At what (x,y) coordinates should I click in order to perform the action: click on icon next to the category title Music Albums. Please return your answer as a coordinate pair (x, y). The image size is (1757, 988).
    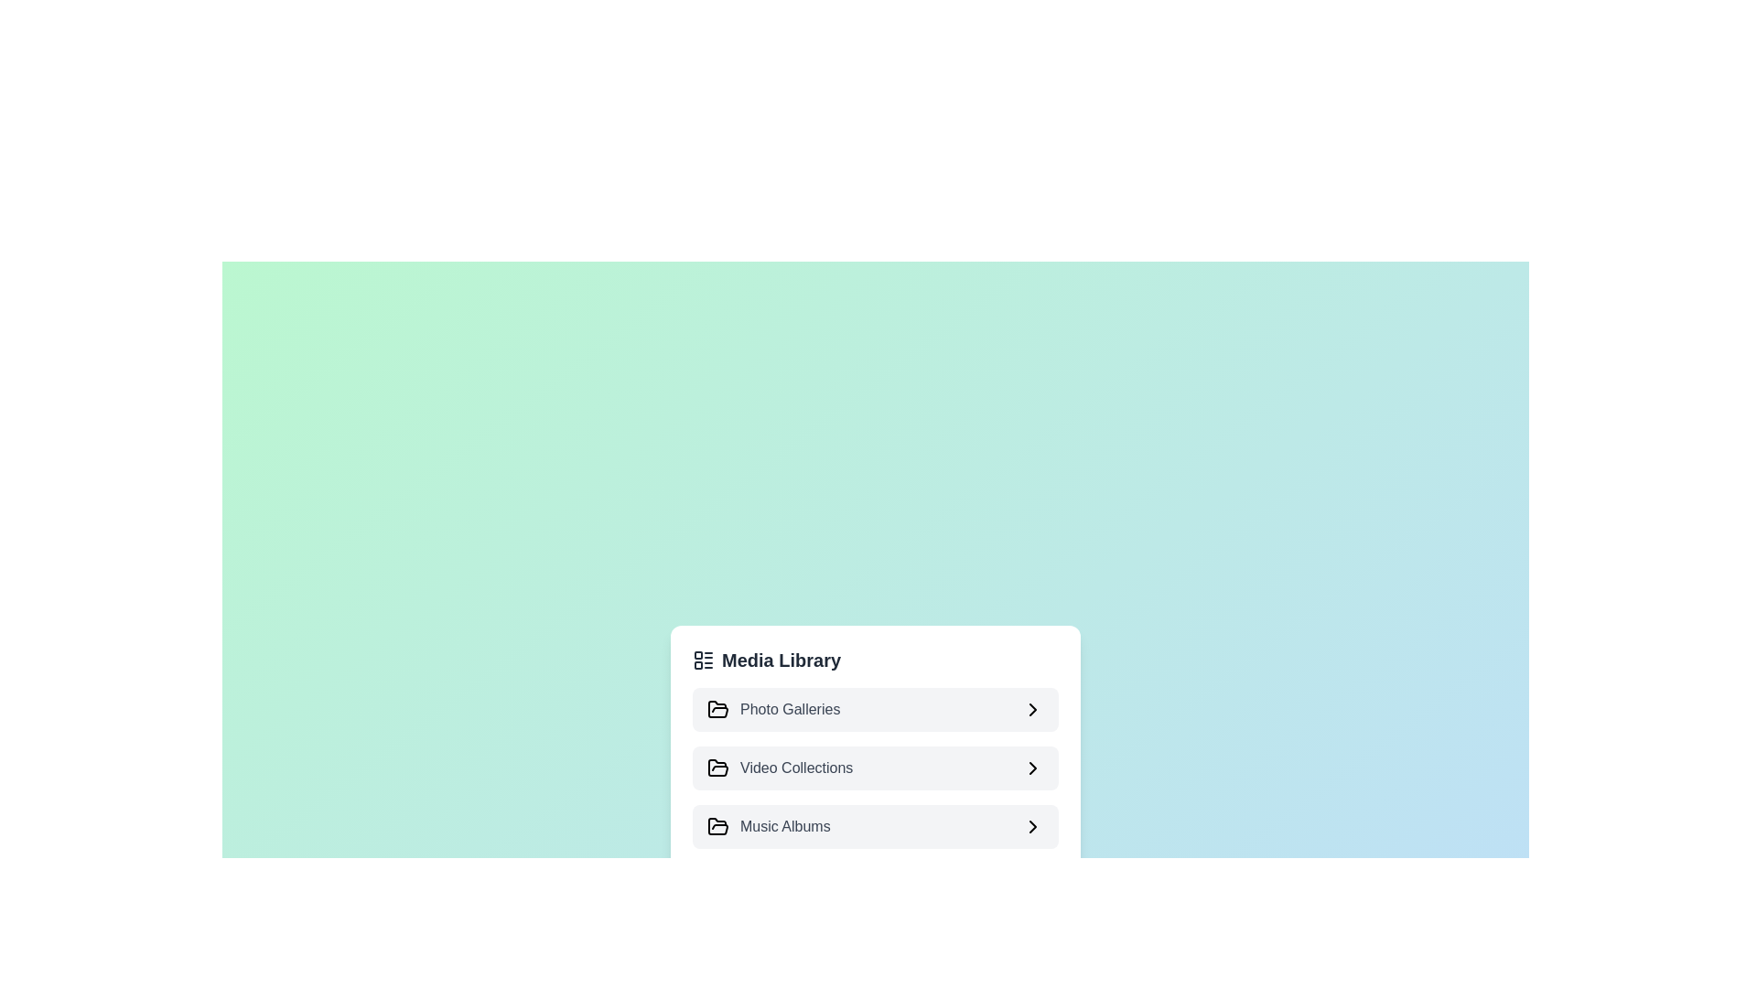
    Looking at the image, I should click on (1032, 826).